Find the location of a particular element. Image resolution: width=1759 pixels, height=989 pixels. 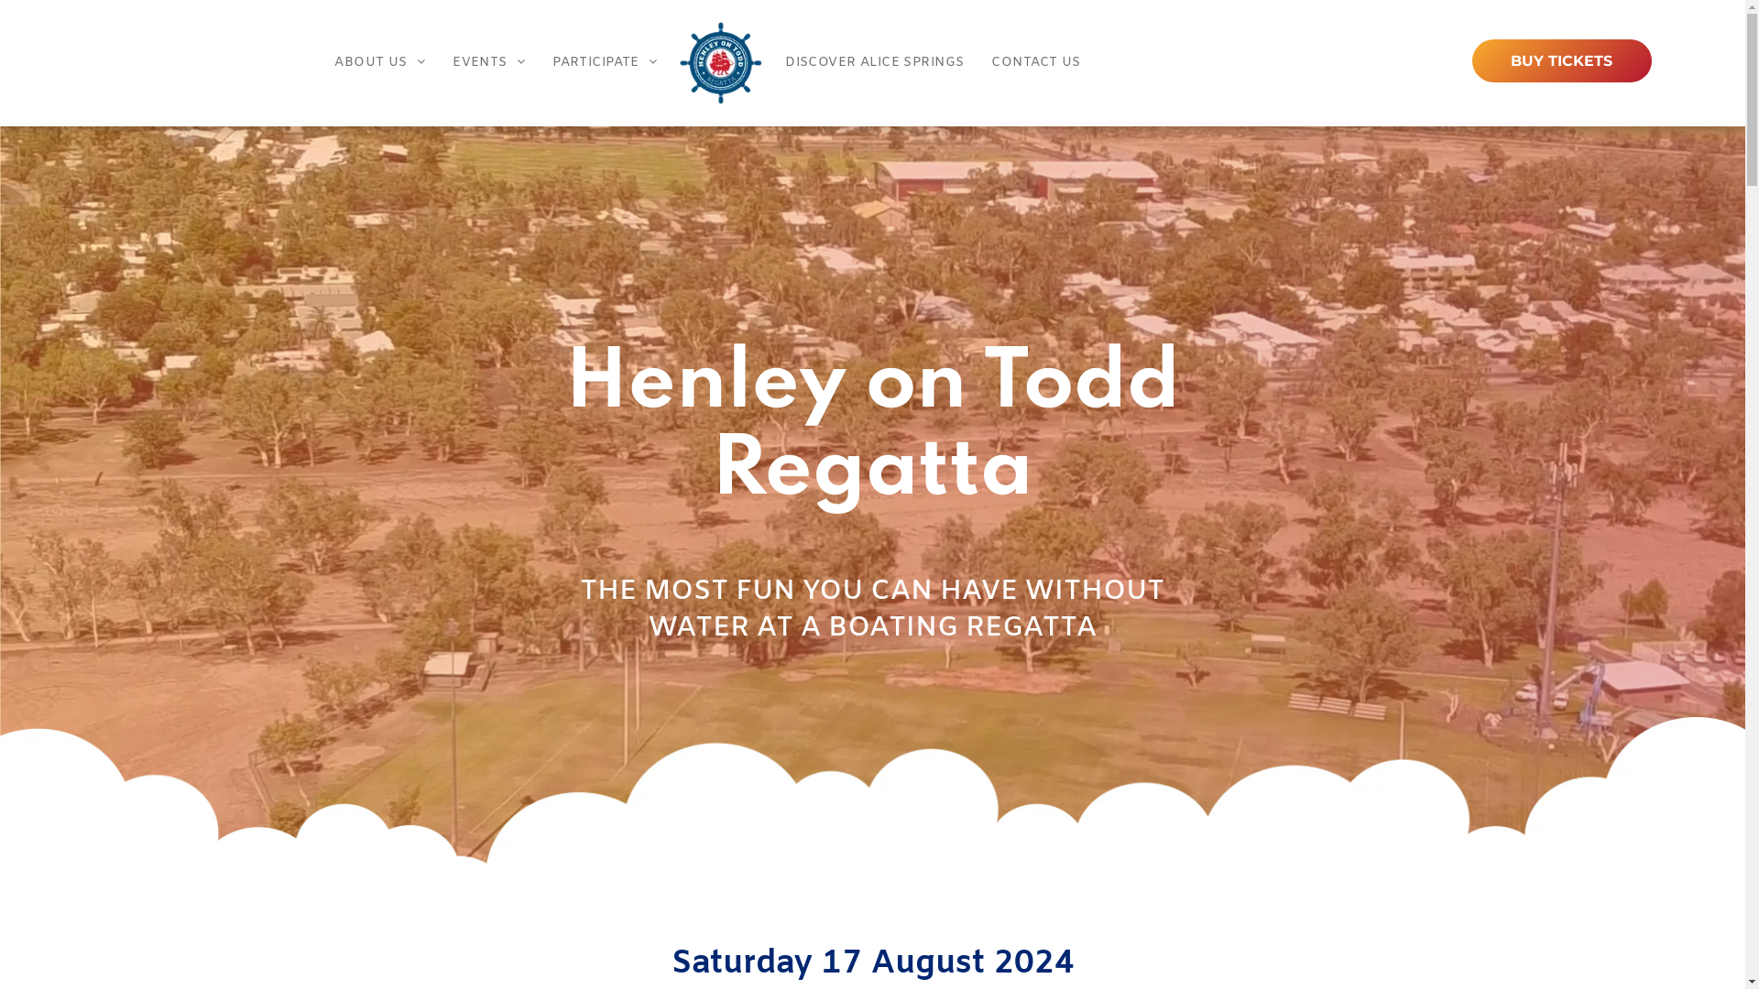

'ABOUT US' is located at coordinates (378, 62).